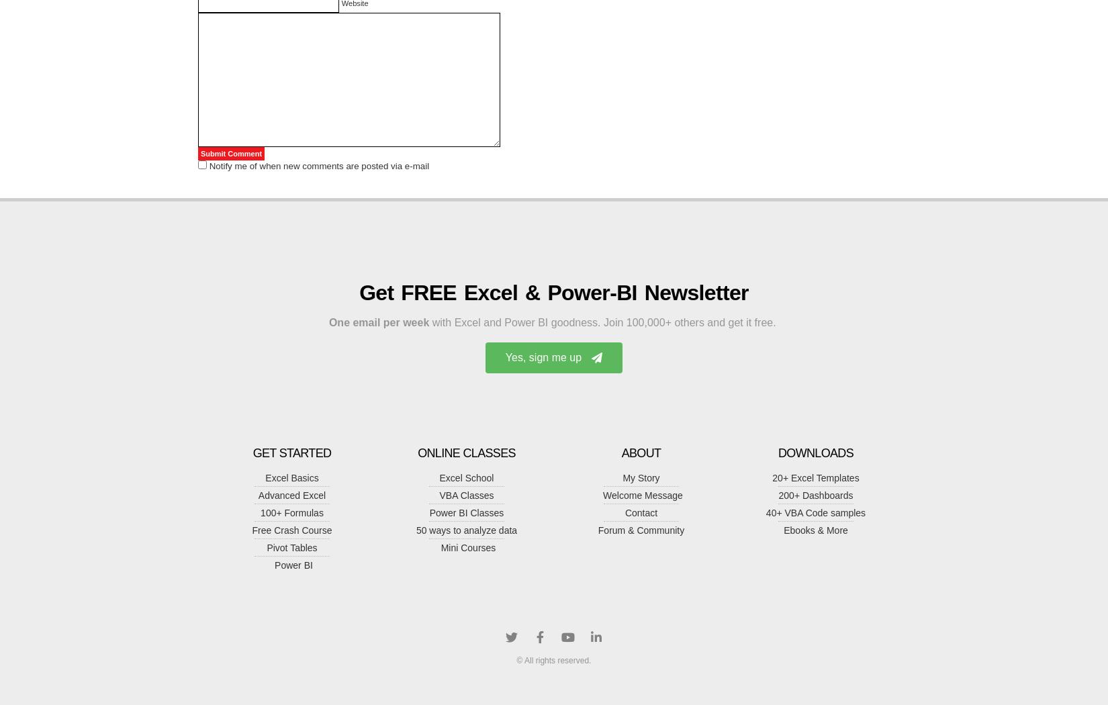 This screenshot has width=1108, height=705. Describe the element at coordinates (220, 185) in the screenshot. I see `'Brock'` at that location.